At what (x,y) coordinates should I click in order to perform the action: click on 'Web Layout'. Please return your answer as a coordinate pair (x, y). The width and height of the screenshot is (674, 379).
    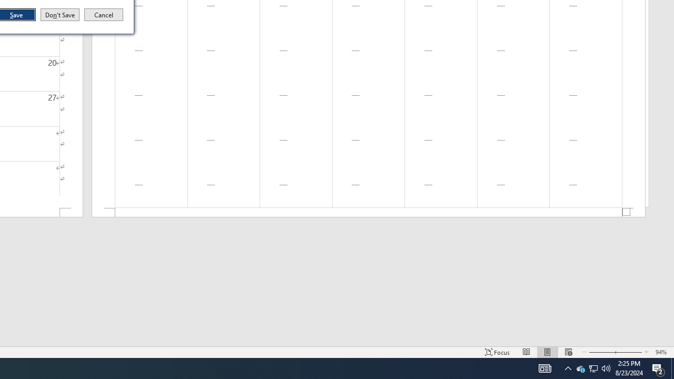
    Looking at the image, I should click on (568, 352).